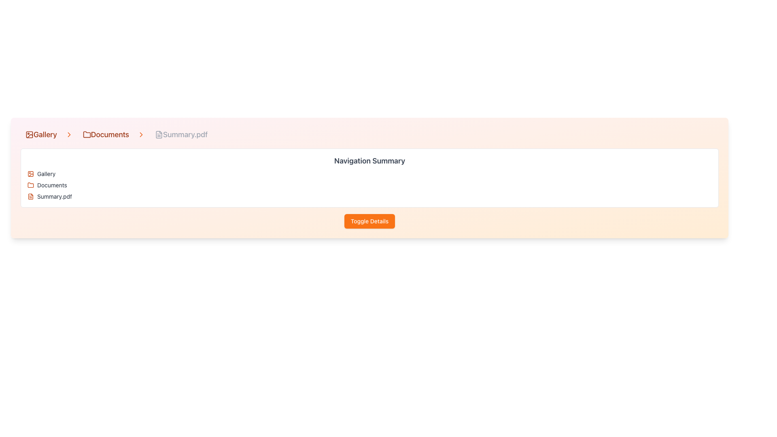 The width and height of the screenshot is (777, 437). What do you see at coordinates (31, 197) in the screenshot?
I see `the orange document icon` at bounding box center [31, 197].